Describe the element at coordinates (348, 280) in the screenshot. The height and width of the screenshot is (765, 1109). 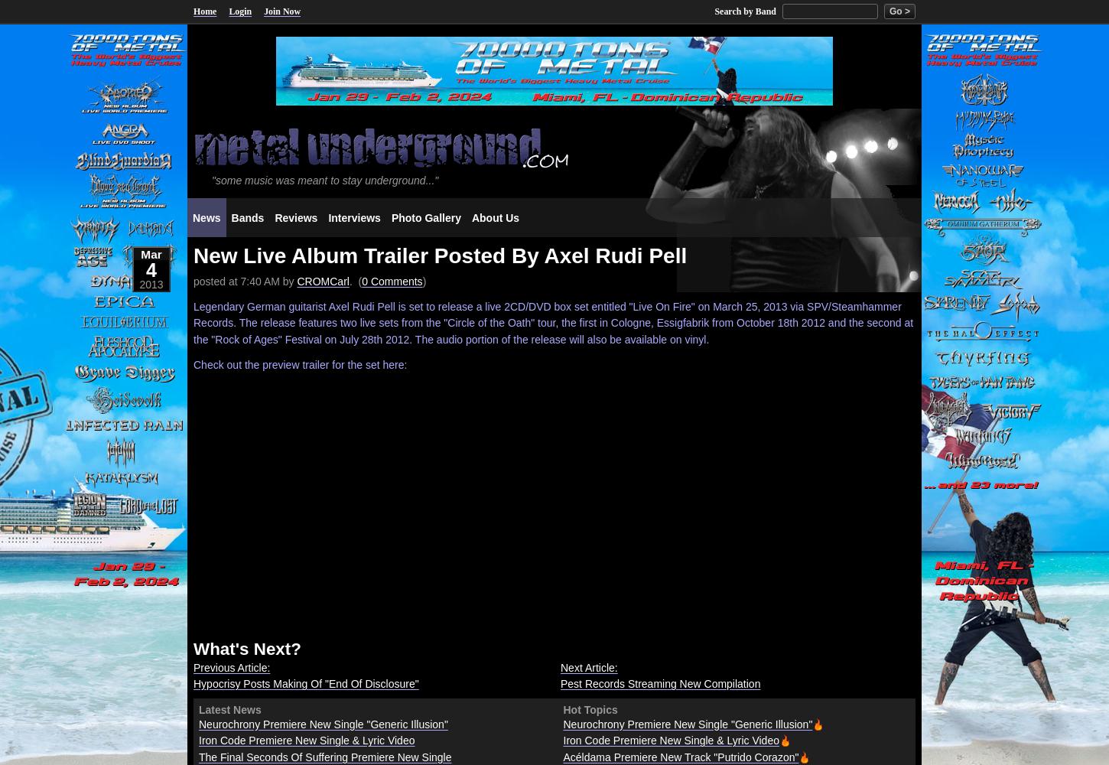
I see `'.
				 ('` at that location.